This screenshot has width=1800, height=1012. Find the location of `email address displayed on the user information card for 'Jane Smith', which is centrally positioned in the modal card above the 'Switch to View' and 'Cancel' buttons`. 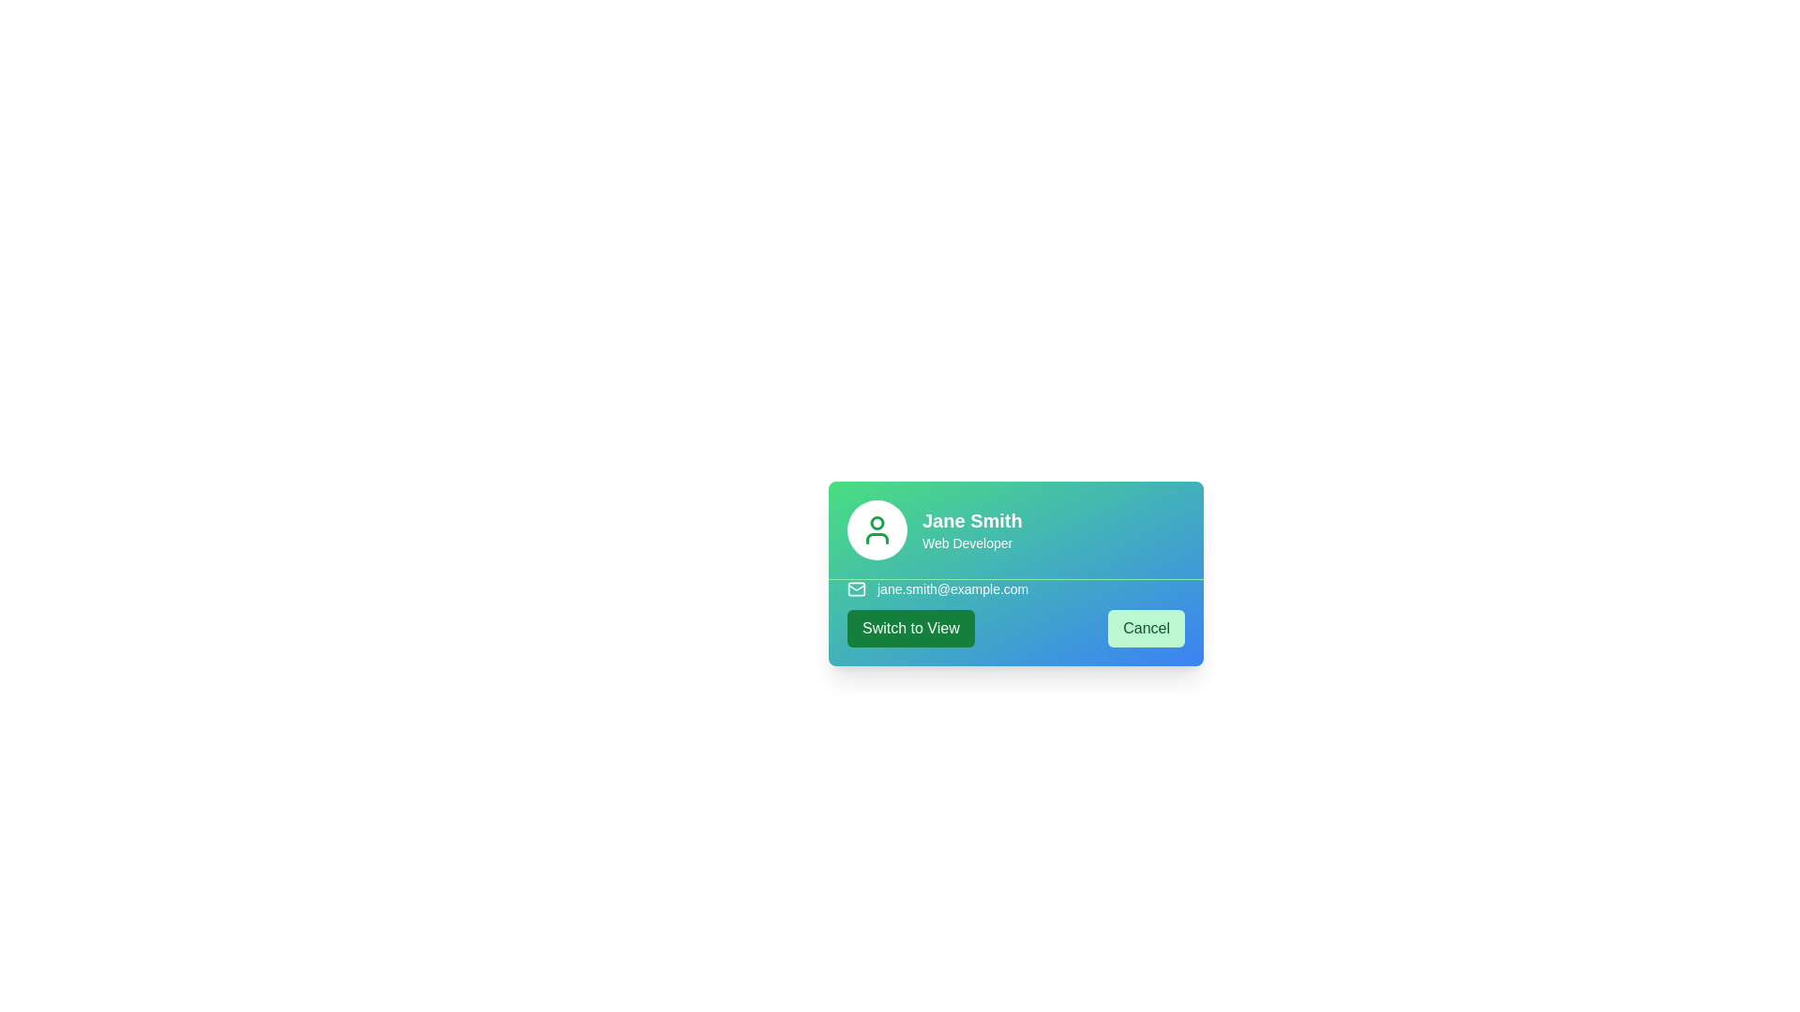

email address displayed on the user information card for 'Jane Smith', which is centrally positioned in the modal card above the 'Switch to View' and 'Cancel' buttons is located at coordinates (1015, 573).